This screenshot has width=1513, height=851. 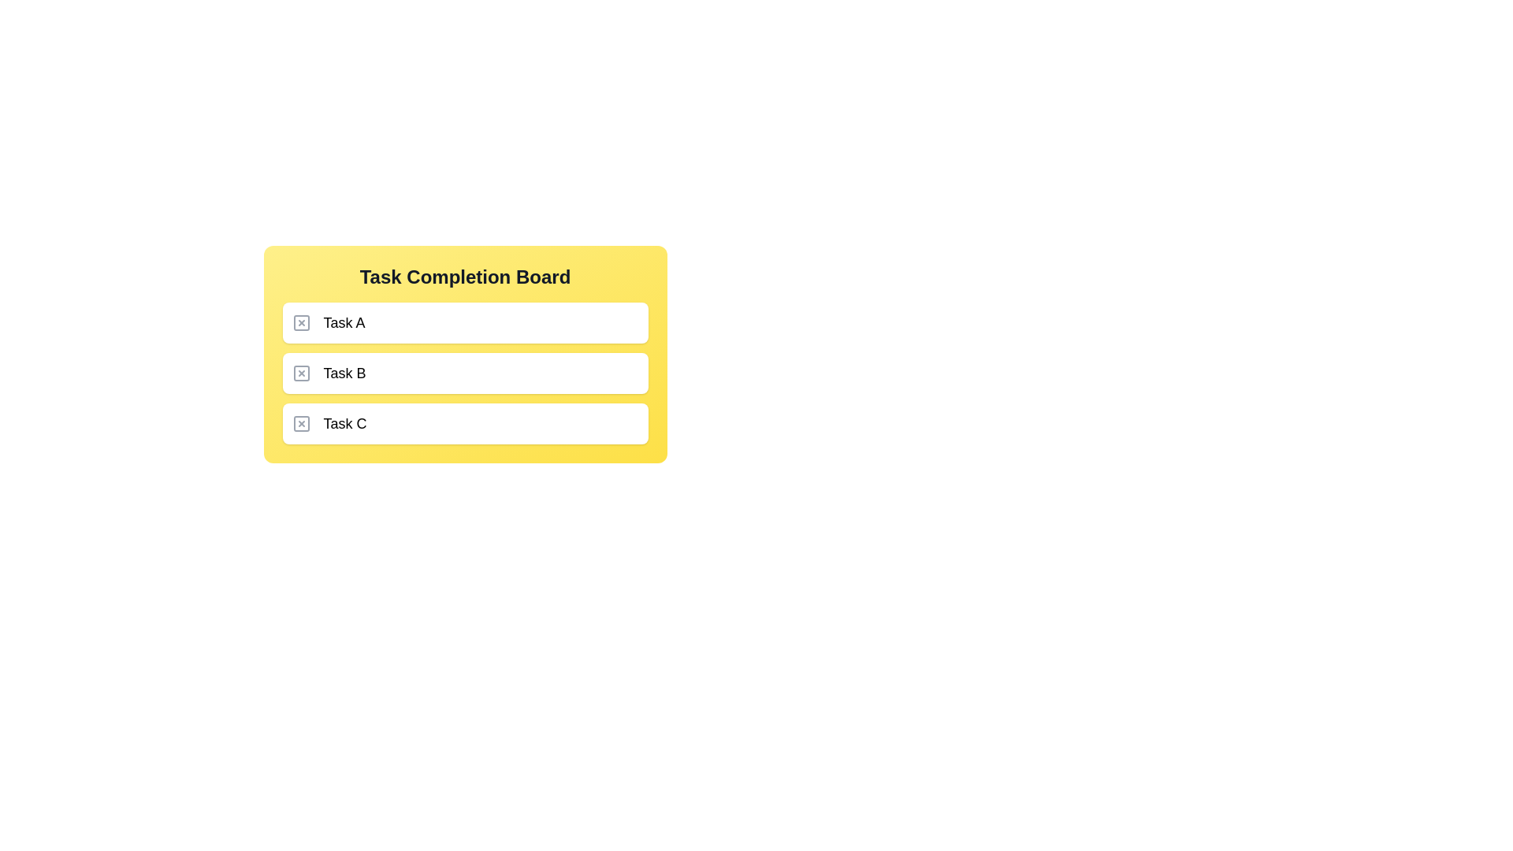 I want to click on the text label representing 'Task B' within the 'Task Completion Board', so click(x=344, y=373).